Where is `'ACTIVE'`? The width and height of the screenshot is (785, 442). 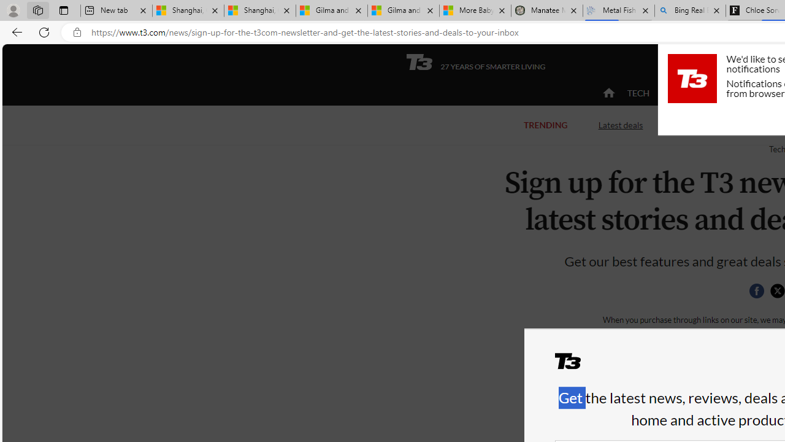
'ACTIVE' is located at coordinates (689, 92).